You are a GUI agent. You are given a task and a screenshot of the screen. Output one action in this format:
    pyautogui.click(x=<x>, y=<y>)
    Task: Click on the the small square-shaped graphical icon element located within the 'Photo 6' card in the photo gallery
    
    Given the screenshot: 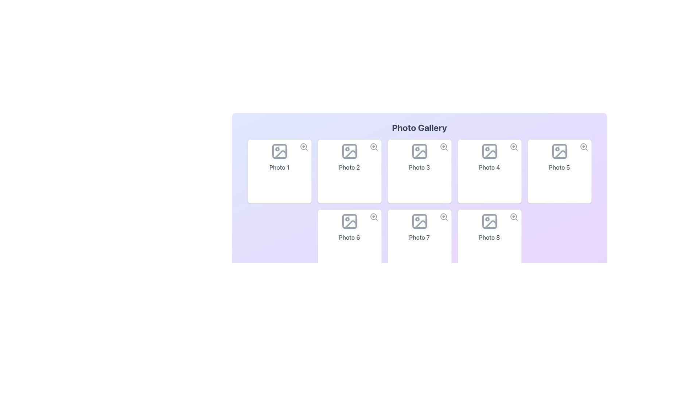 What is the action you would take?
    pyautogui.click(x=349, y=221)
    